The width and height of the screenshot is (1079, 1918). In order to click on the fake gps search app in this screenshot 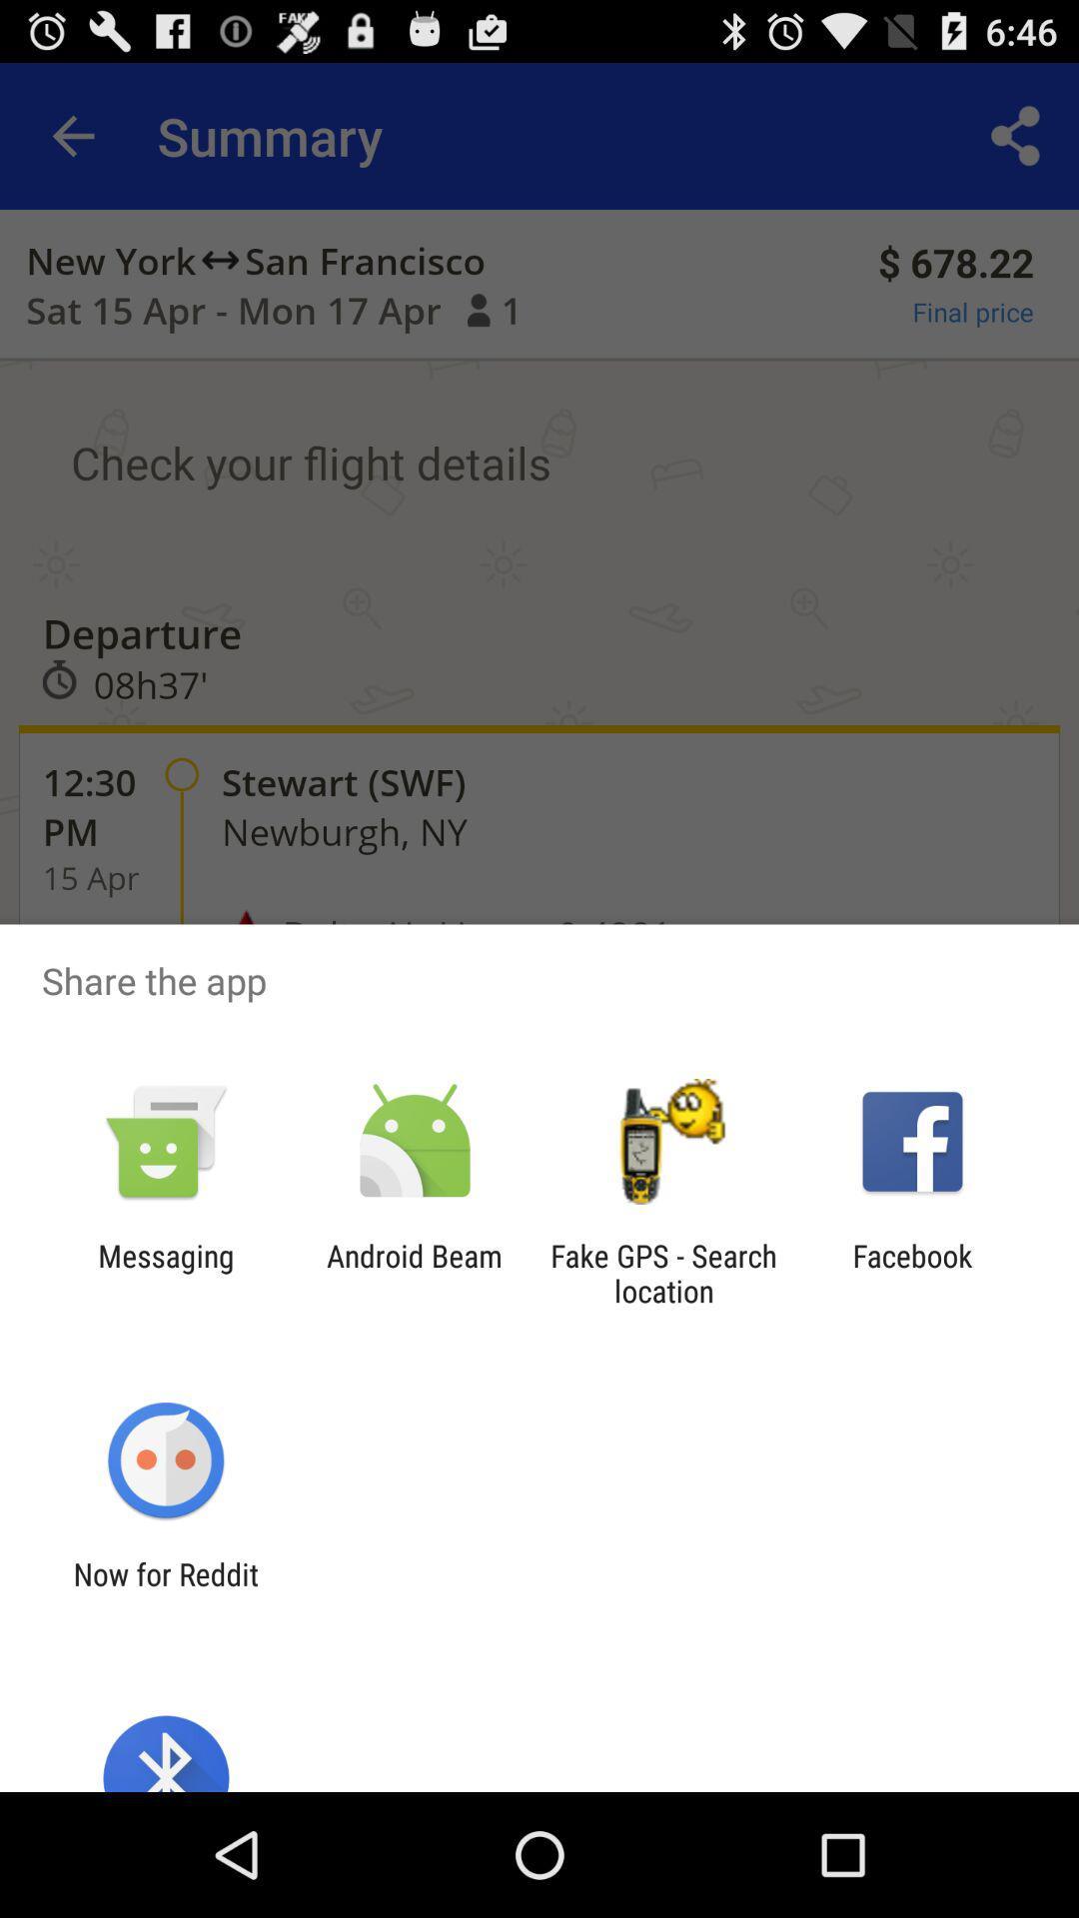, I will do `click(663, 1273)`.